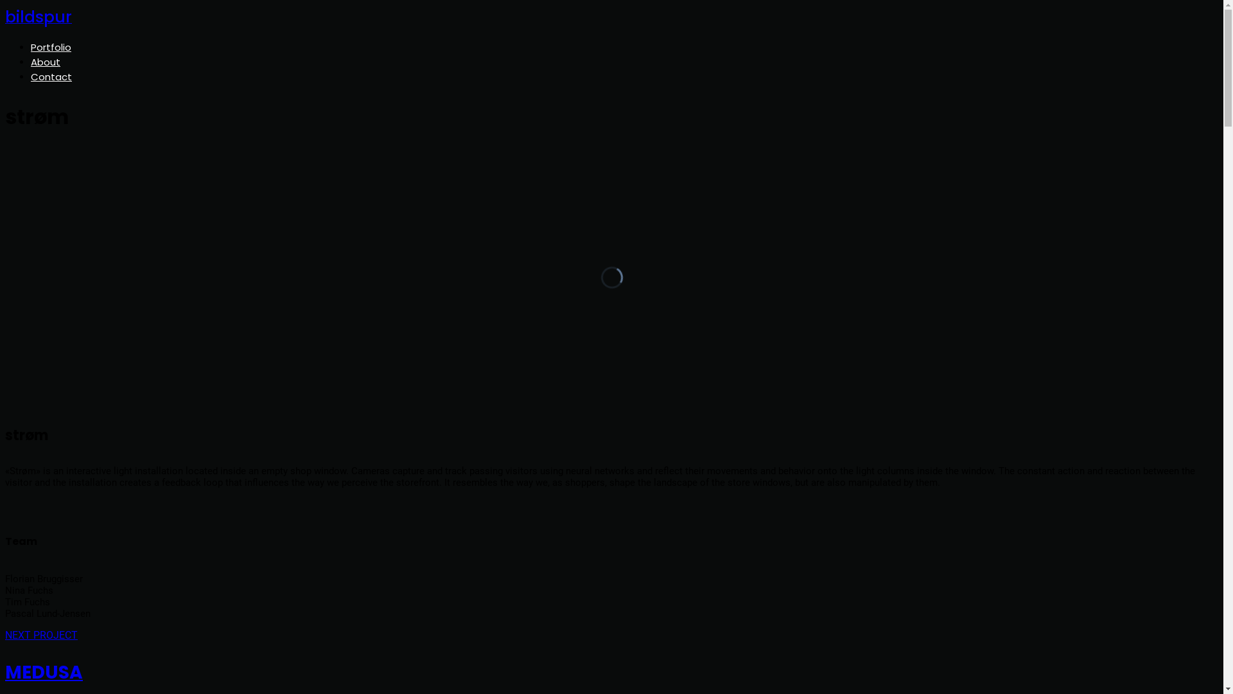  I want to click on 'bildspur', so click(38, 19).